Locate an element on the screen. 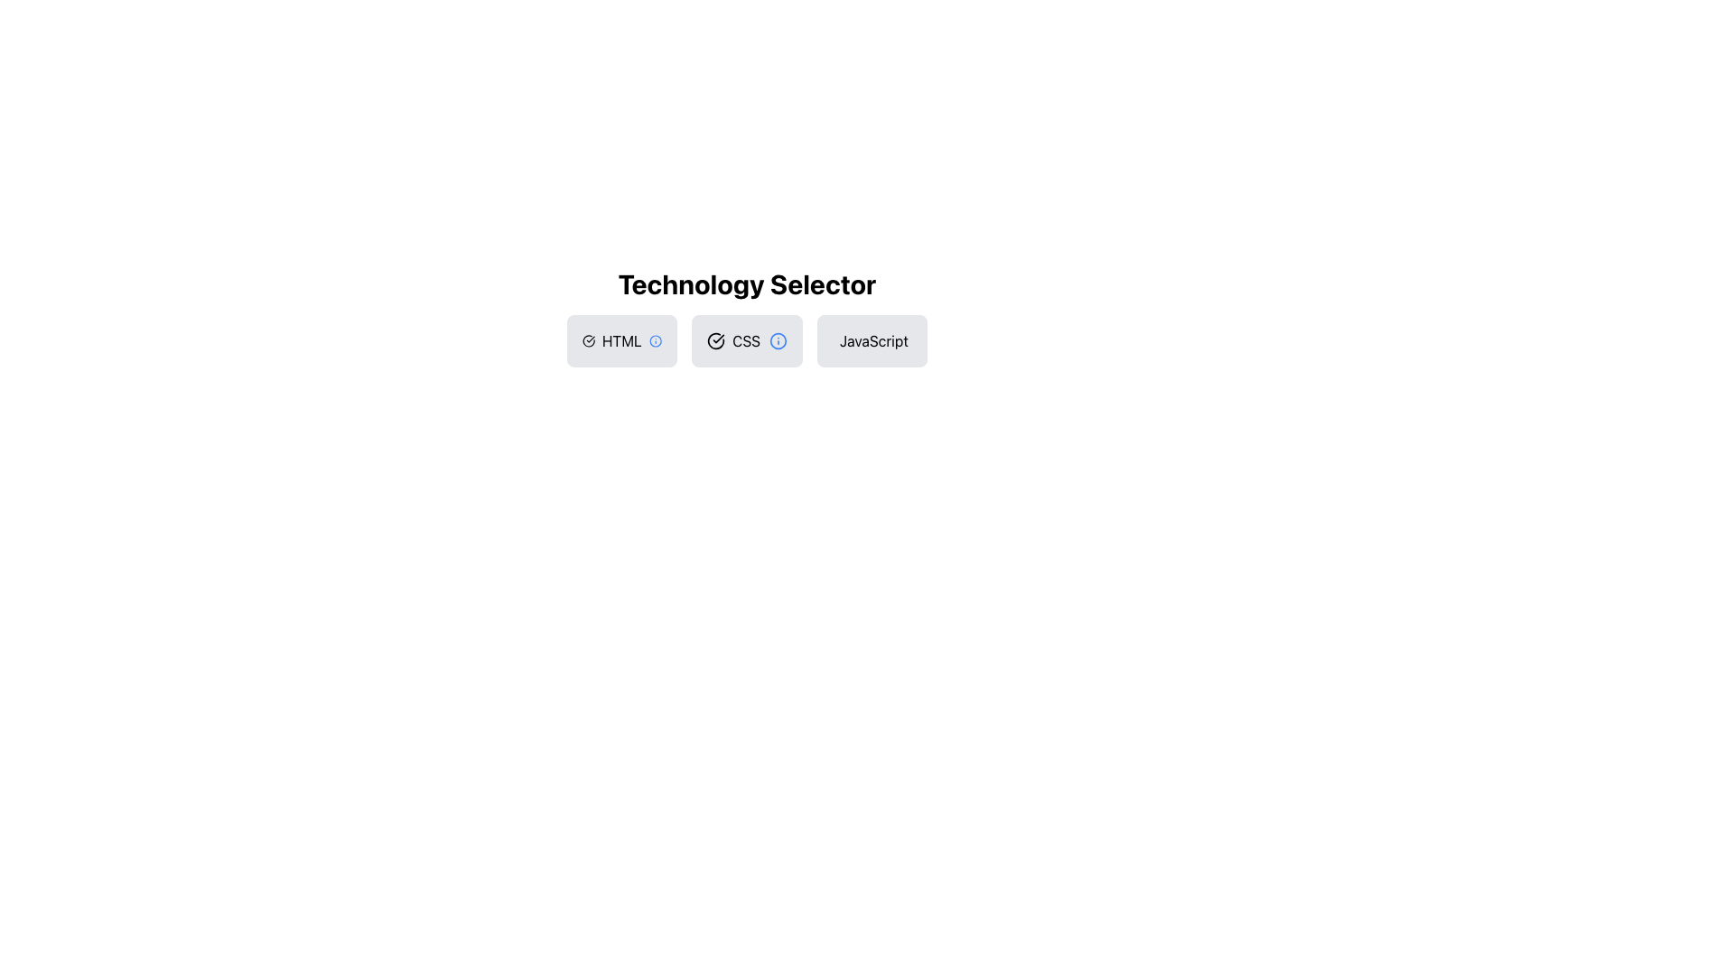  the arc segment of the SVG illustration within the second button marked 'CSS', which is part of a circular icon with a modern, minimalistic design is located at coordinates (715, 341).